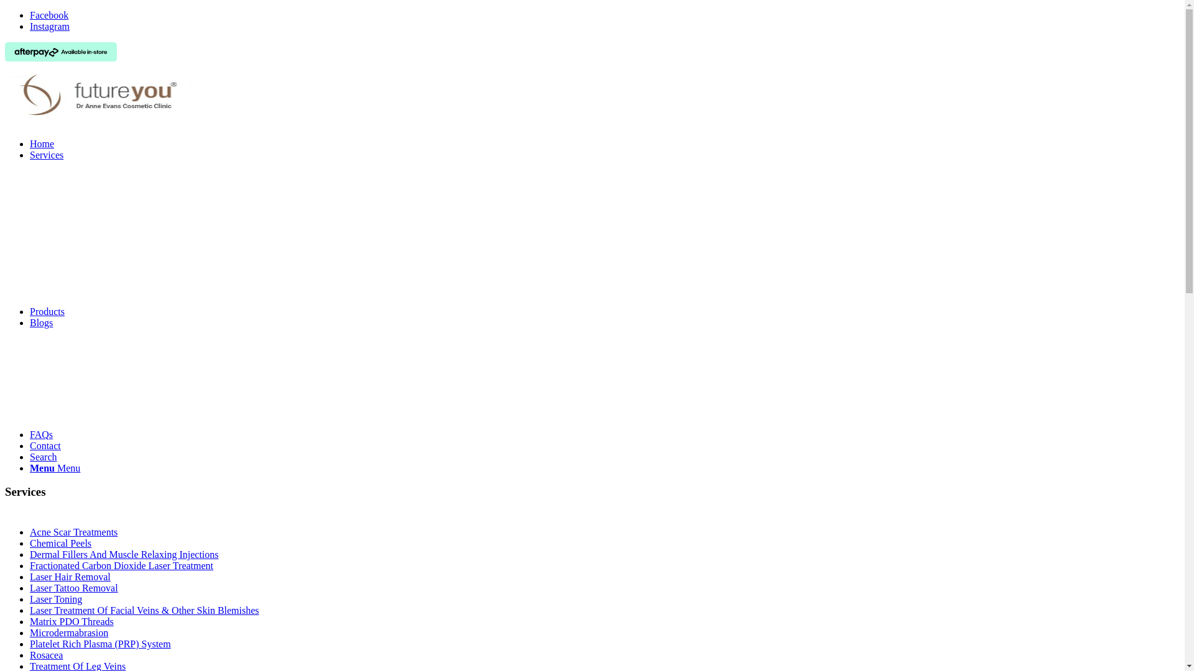 Image resolution: width=1194 pixels, height=671 pixels. What do you see at coordinates (50, 26) in the screenshot?
I see `'Instagram'` at bounding box center [50, 26].